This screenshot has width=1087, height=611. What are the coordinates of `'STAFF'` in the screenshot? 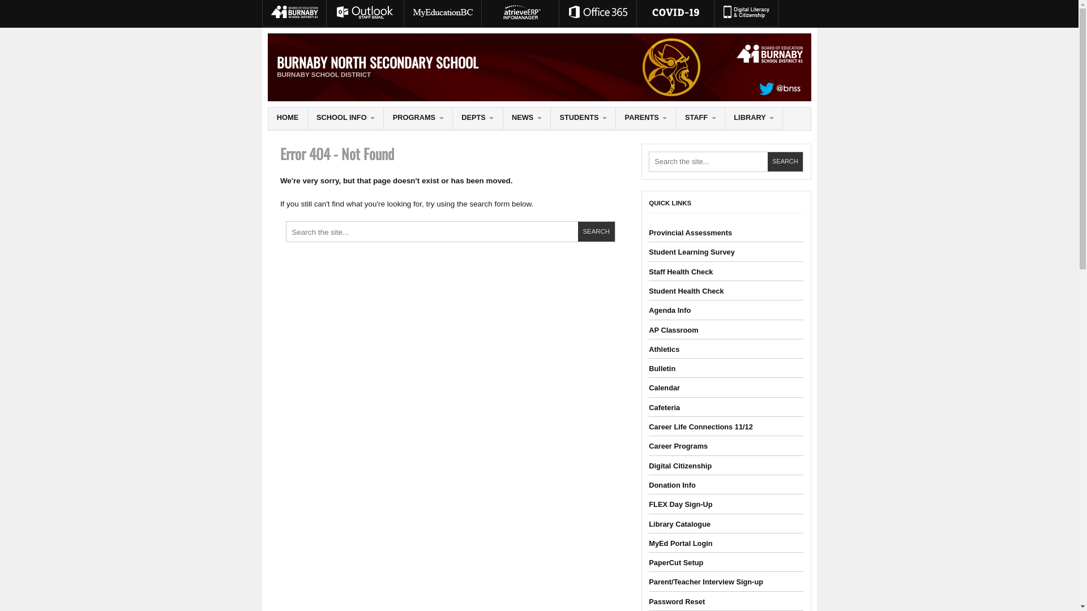 It's located at (700, 118).